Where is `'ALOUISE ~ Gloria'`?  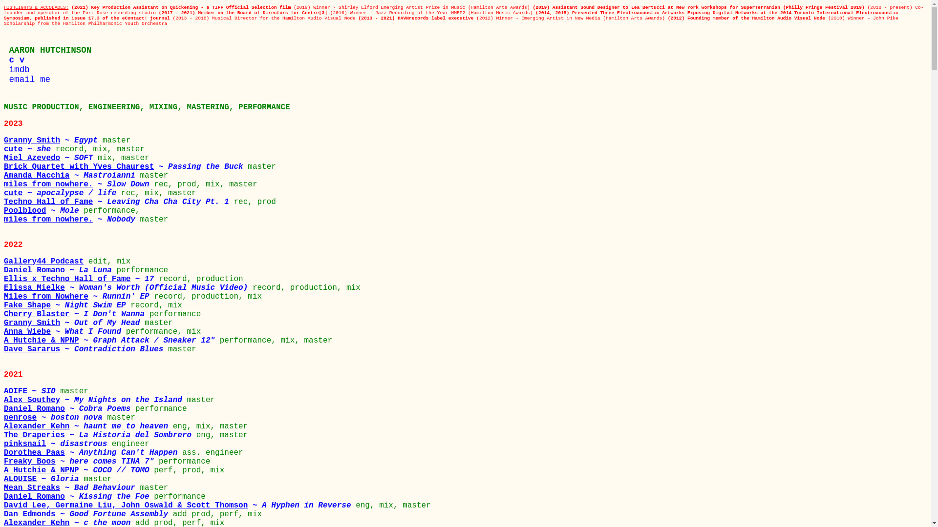 'ALOUISE ~ Gloria' is located at coordinates (43, 479).